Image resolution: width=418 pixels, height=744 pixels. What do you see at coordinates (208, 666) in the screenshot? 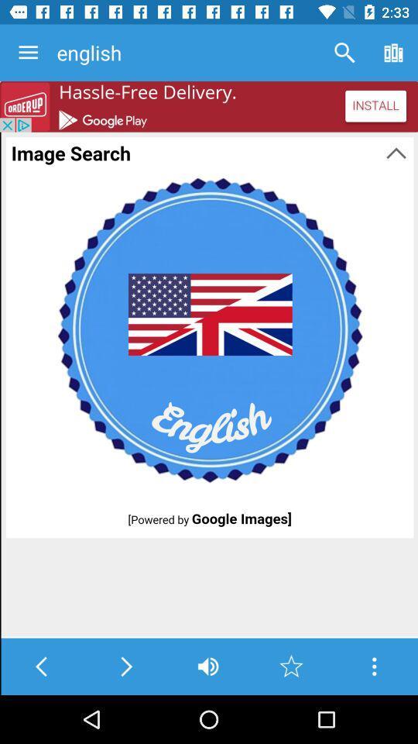
I see `adjust volume` at bounding box center [208, 666].